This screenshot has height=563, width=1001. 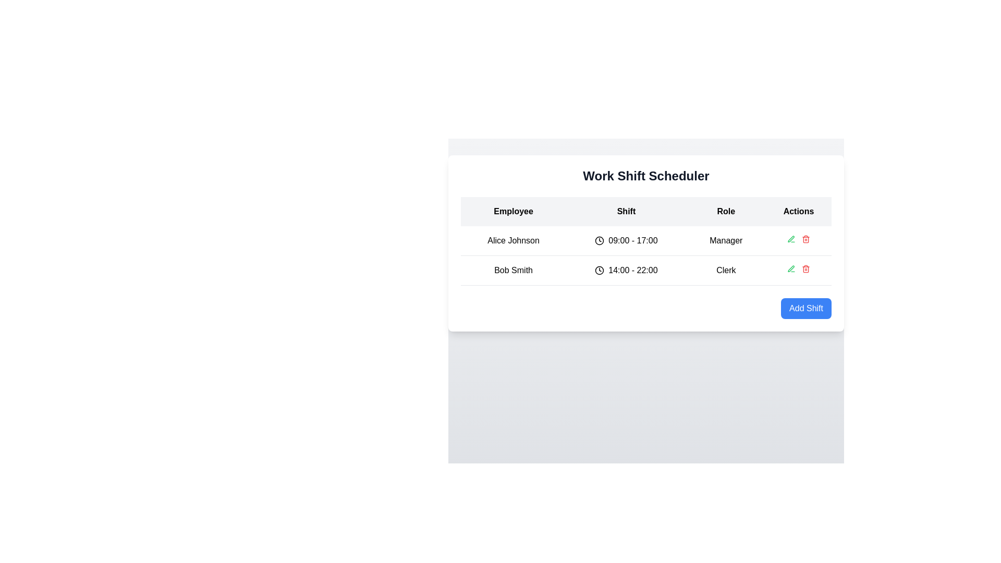 I want to click on the header label that categorizes employee details, positioned on the leftmost side of the header row above the table containing 'Shift', 'Role', and 'Actions', so click(x=514, y=211).